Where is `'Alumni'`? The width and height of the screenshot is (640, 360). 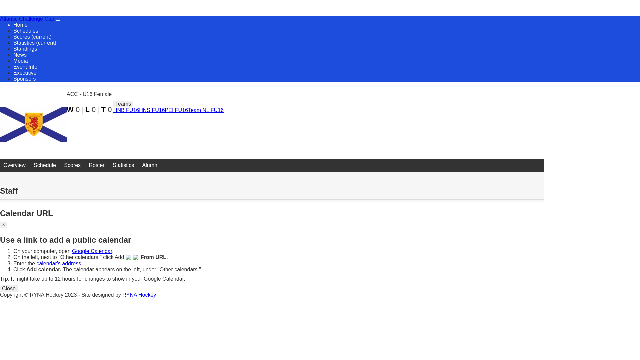 'Alumni' is located at coordinates (150, 165).